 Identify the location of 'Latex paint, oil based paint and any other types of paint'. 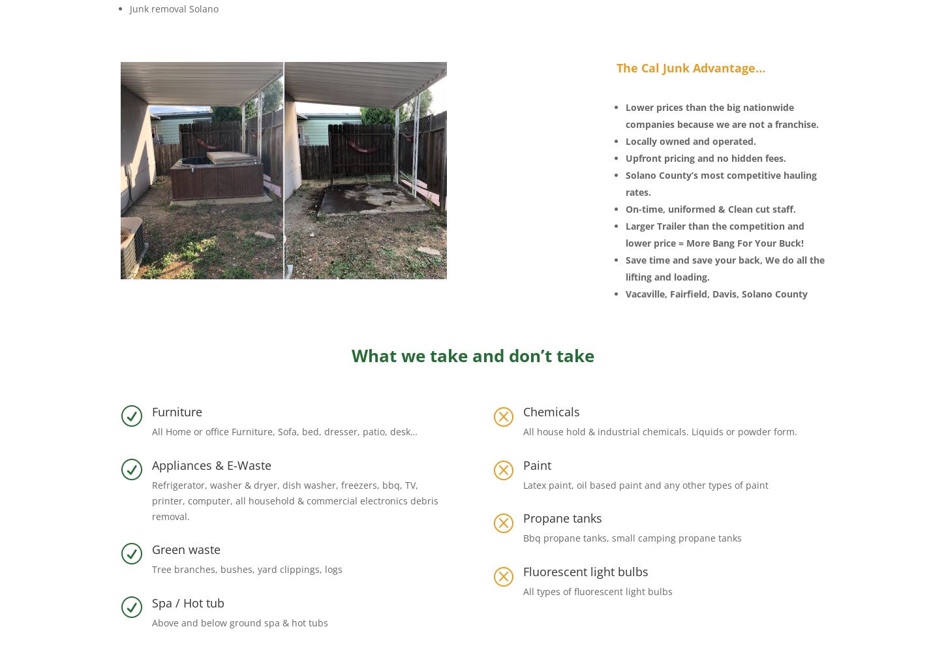
(522, 484).